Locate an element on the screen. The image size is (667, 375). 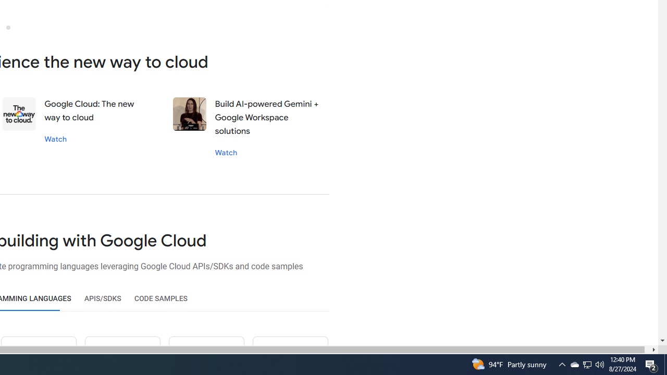
'Watch' is located at coordinates (225, 152).